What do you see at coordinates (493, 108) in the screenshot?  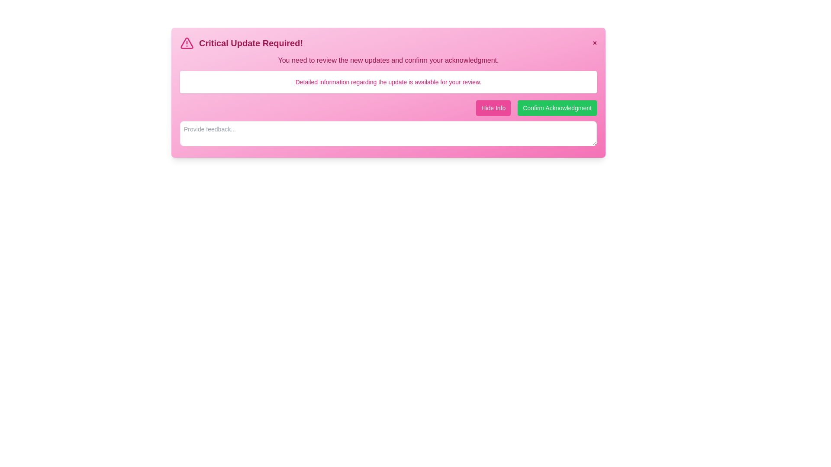 I see `the 'Hide Info' button to toggle the visibility of additional information` at bounding box center [493, 108].